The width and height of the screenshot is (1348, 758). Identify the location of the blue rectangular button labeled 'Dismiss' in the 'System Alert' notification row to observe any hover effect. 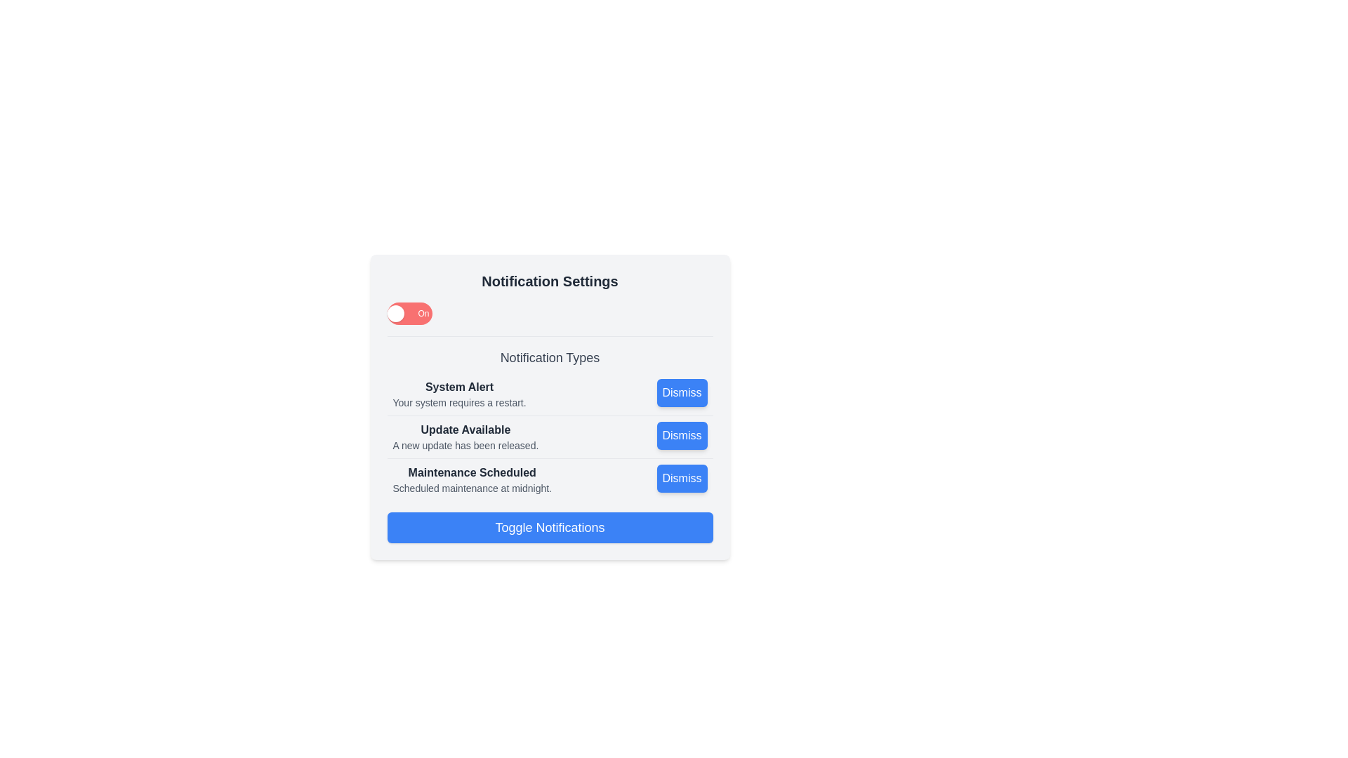
(682, 392).